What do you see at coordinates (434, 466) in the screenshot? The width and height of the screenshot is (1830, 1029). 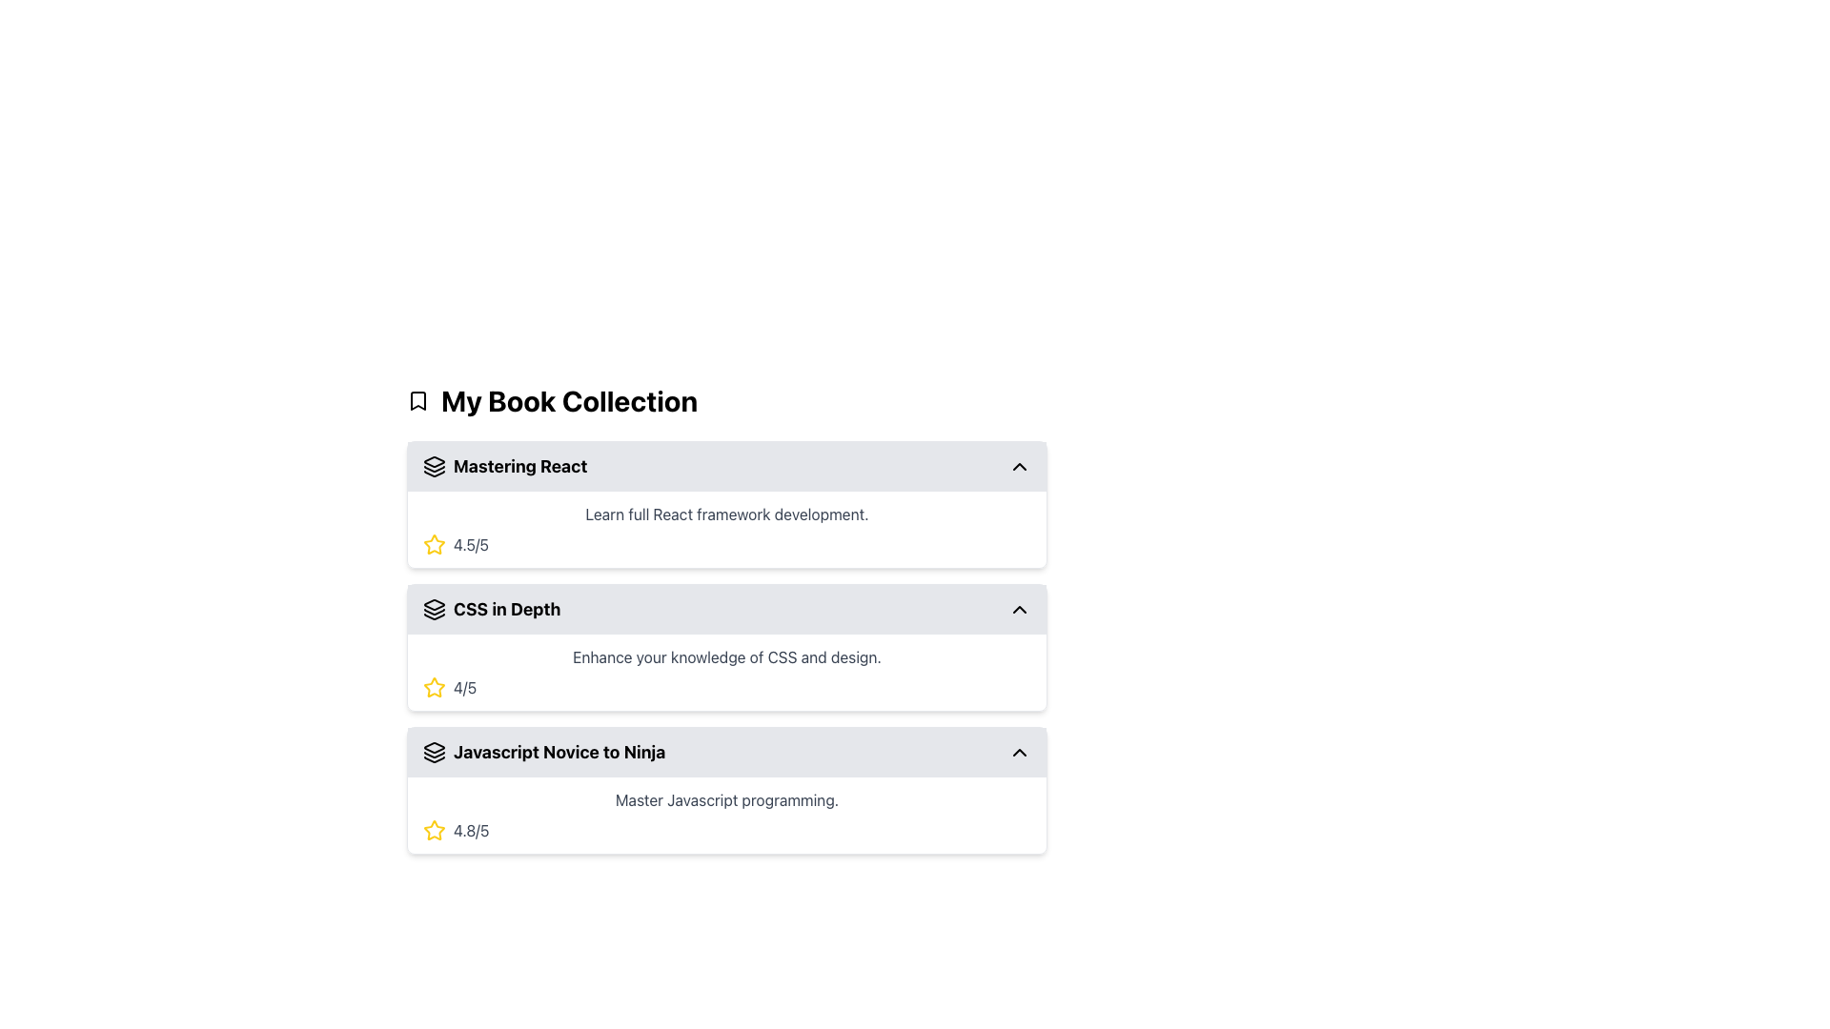 I see `the icon representing the topic 'Mastering React' located to the immediate left of the 'Mastering React' text` at bounding box center [434, 466].